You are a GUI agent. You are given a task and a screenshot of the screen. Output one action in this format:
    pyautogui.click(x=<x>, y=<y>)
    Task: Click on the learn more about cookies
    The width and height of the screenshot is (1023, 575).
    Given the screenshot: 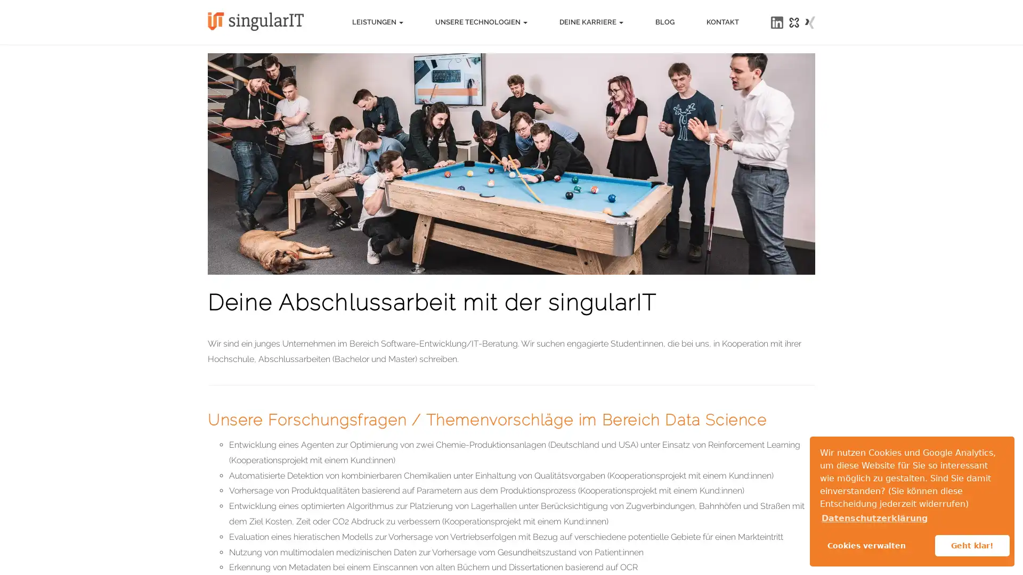 What is the action you would take?
    pyautogui.click(x=874, y=517)
    